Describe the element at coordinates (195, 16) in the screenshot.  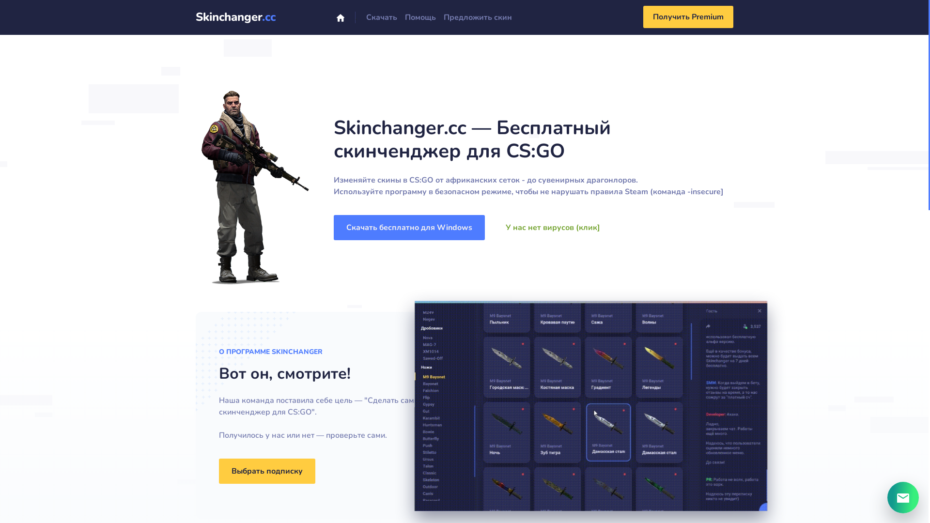
I see `'Skinchanger.cc'` at that location.